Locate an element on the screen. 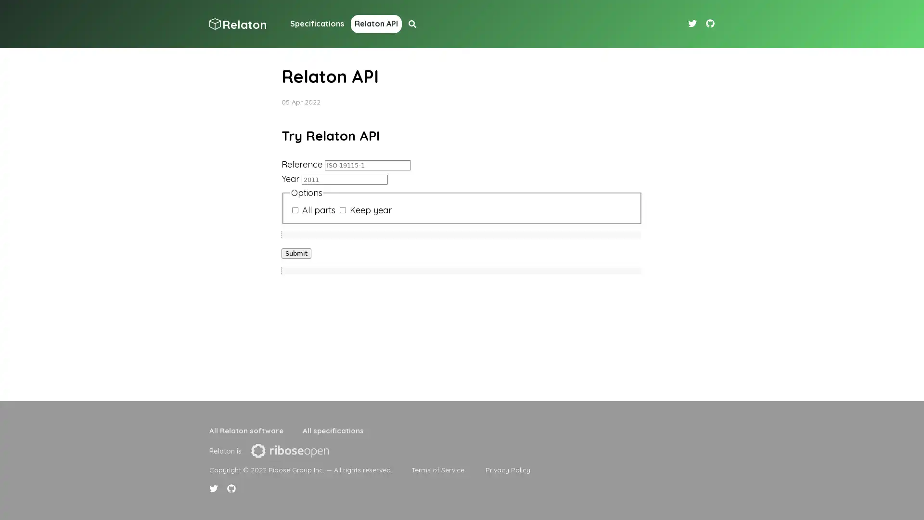 Image resolution: width=924 pixels, height=520 pixels. Submit is located at coordinates (295, 253).